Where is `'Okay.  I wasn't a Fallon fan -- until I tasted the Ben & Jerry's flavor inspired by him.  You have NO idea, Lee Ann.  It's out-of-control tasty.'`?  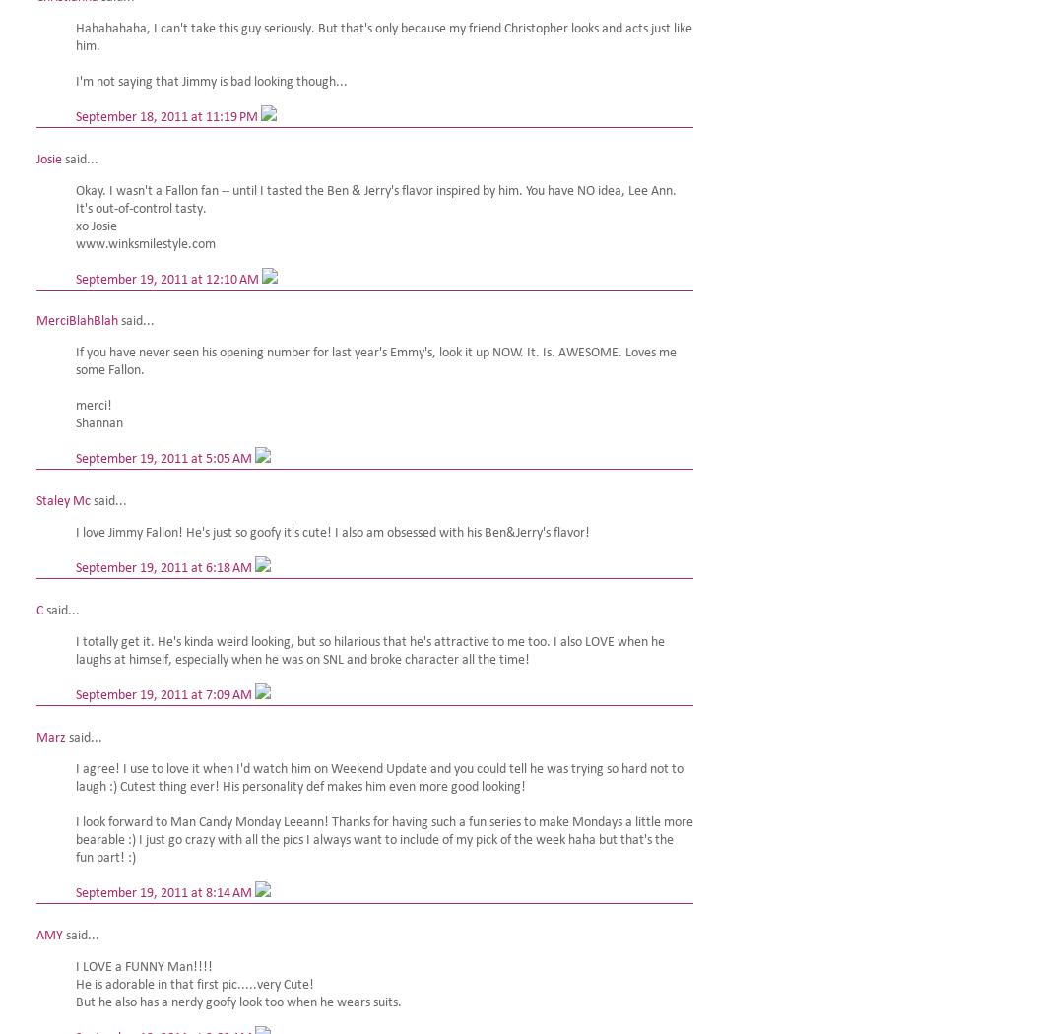 'Okay.  I wasn't a Fallon fan -- until I tasted the Ben & Jerry's flavor inspired by him.  You have NO idea, Lee Ann.  It's out-of-control tasty.' is located at coordinates (376, 198).